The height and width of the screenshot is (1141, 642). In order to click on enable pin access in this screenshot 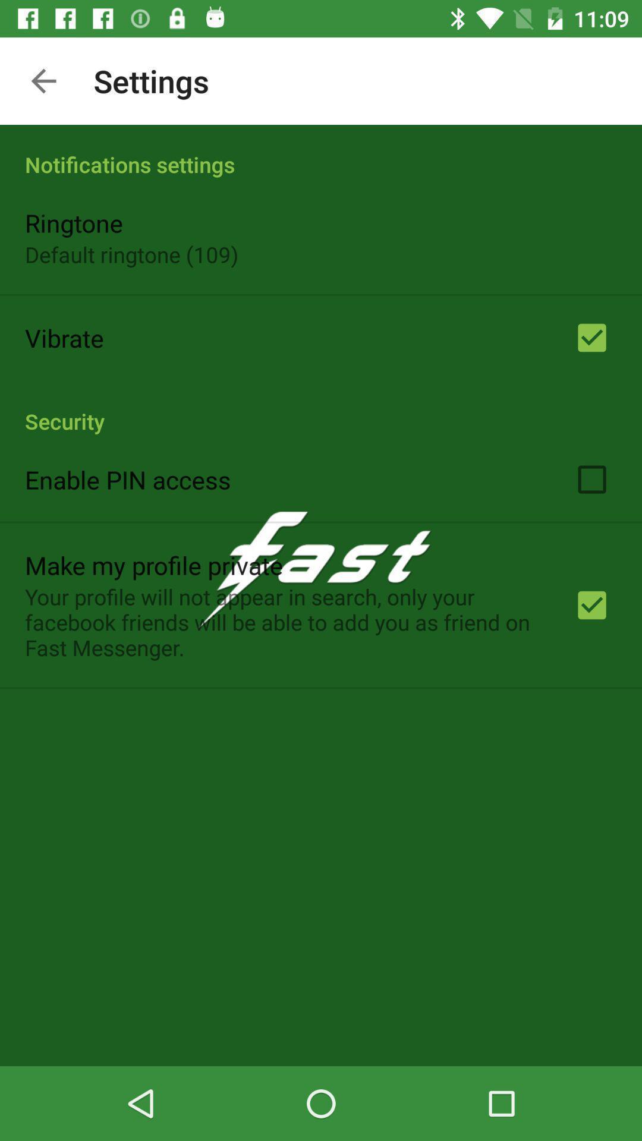, I will do `click(128, 479)`.